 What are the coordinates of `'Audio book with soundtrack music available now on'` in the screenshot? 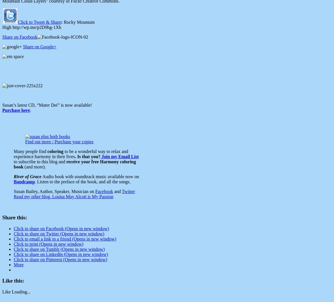 It's located at (90, 176).